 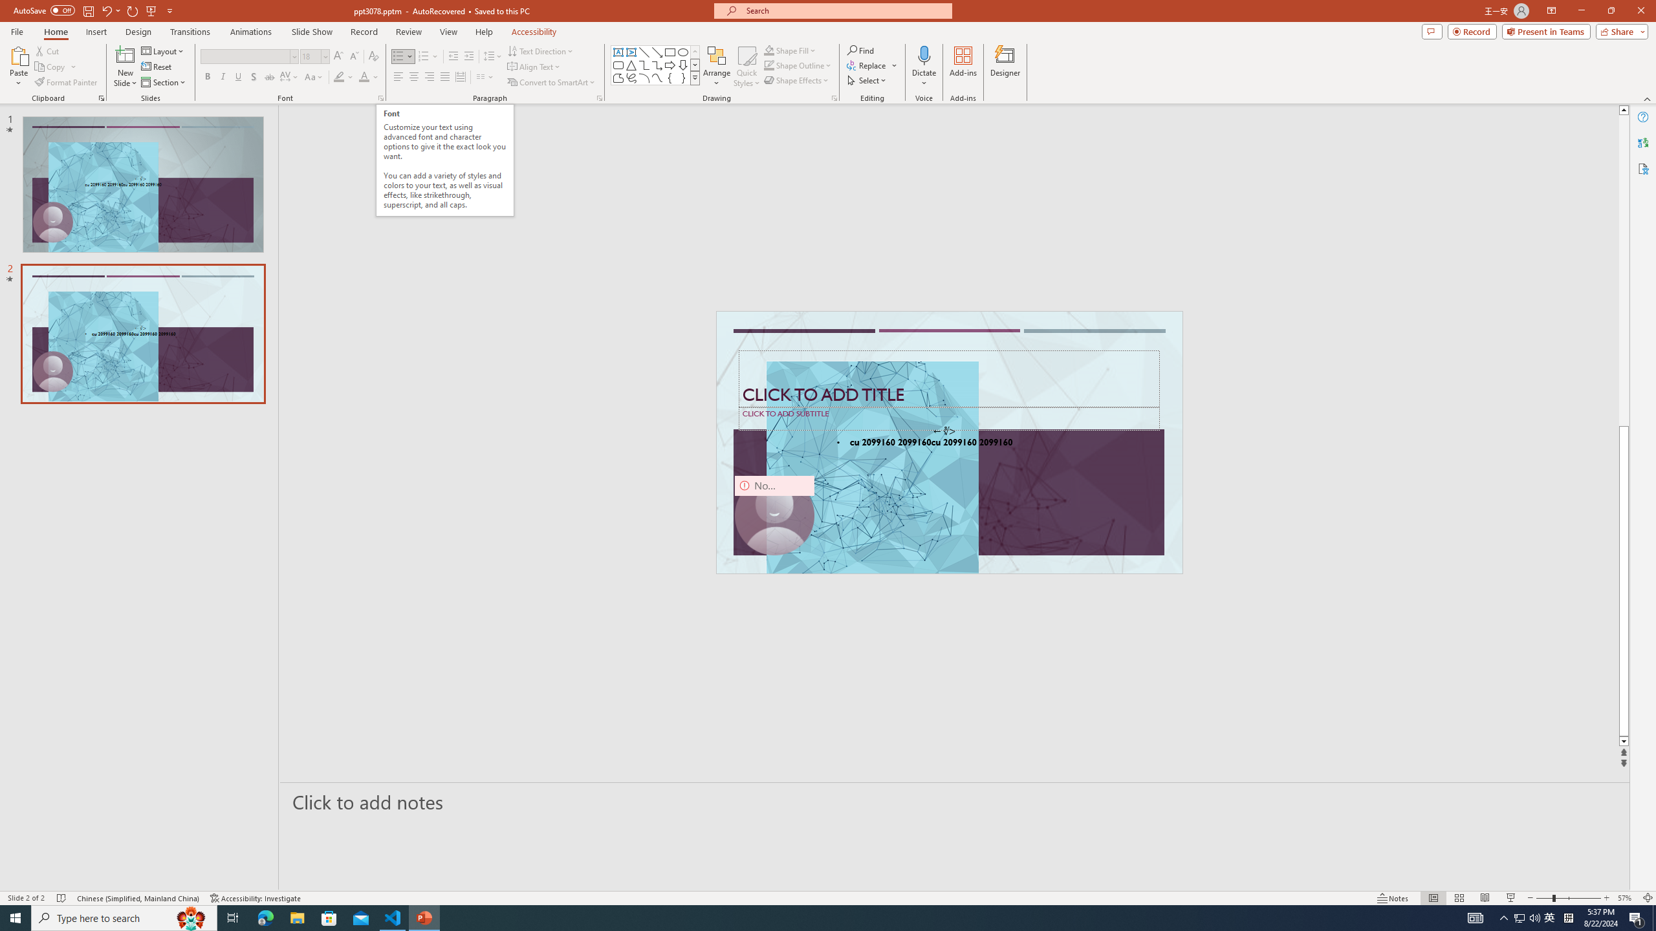 I want to click on 'Zoom', so click(x=1569, y=898).